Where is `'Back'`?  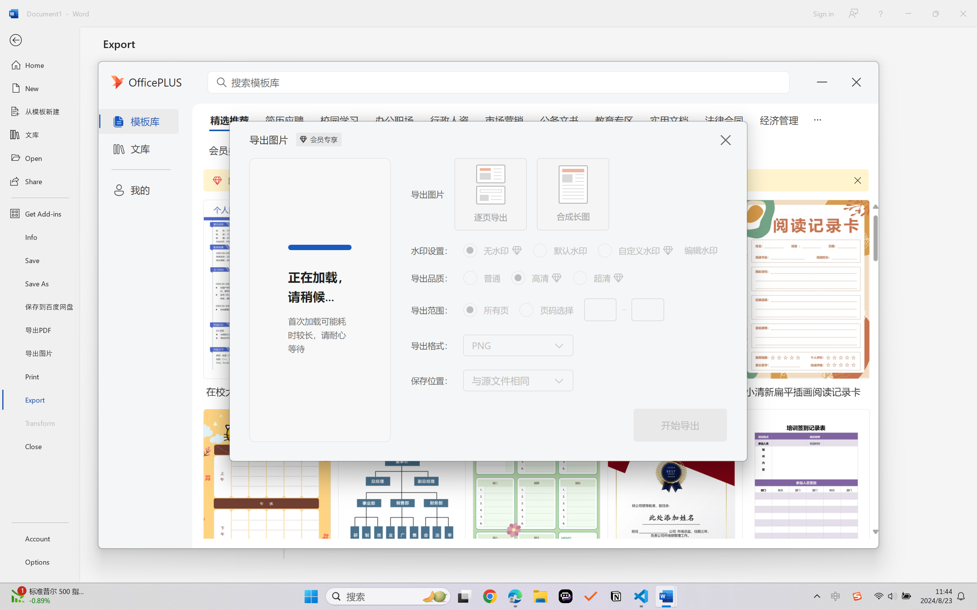
'Back' is located at coordinates (39, 40).